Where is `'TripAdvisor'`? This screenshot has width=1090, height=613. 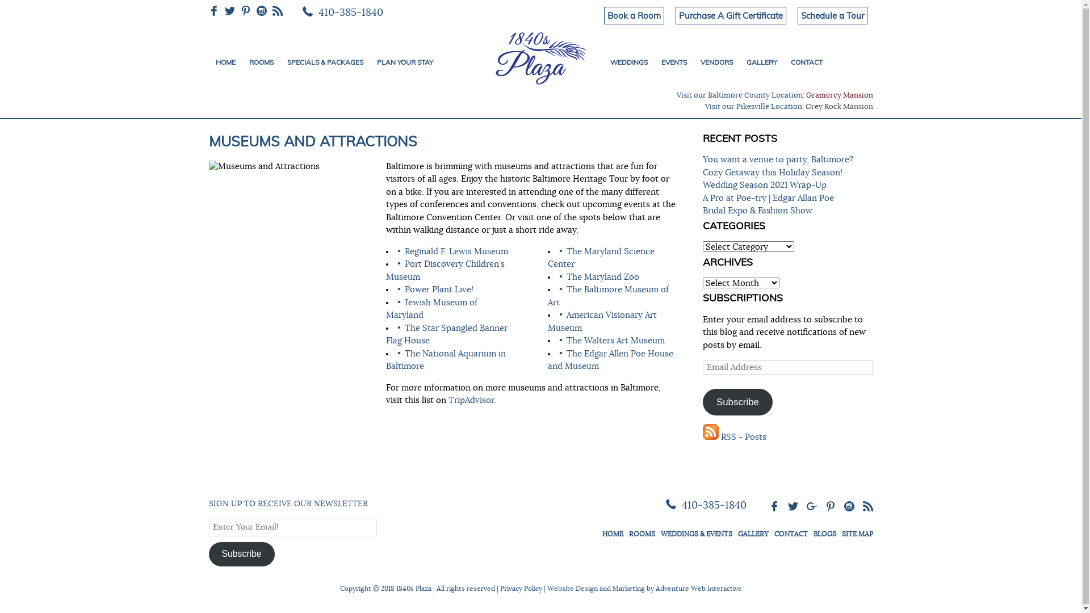
'TripAdvisor' is located at coordinates (471, 400).